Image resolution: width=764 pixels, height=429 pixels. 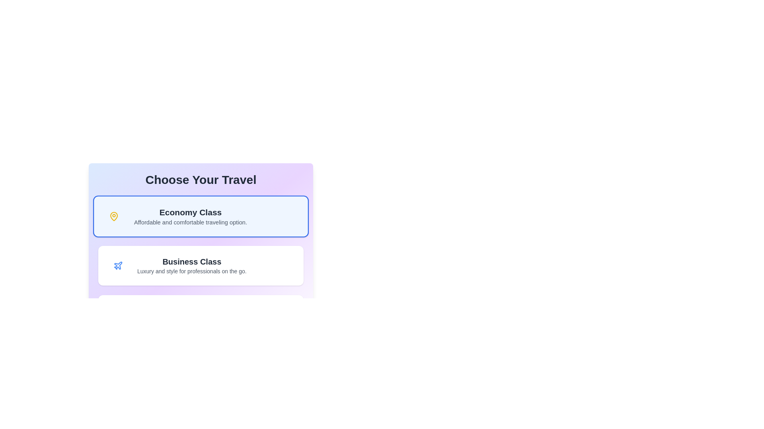 I want to click on the 'Economy Class' icon located at the top-left corner of the selectable option box in the 'Choose Your Travel' section, so click(x=113, y=216).